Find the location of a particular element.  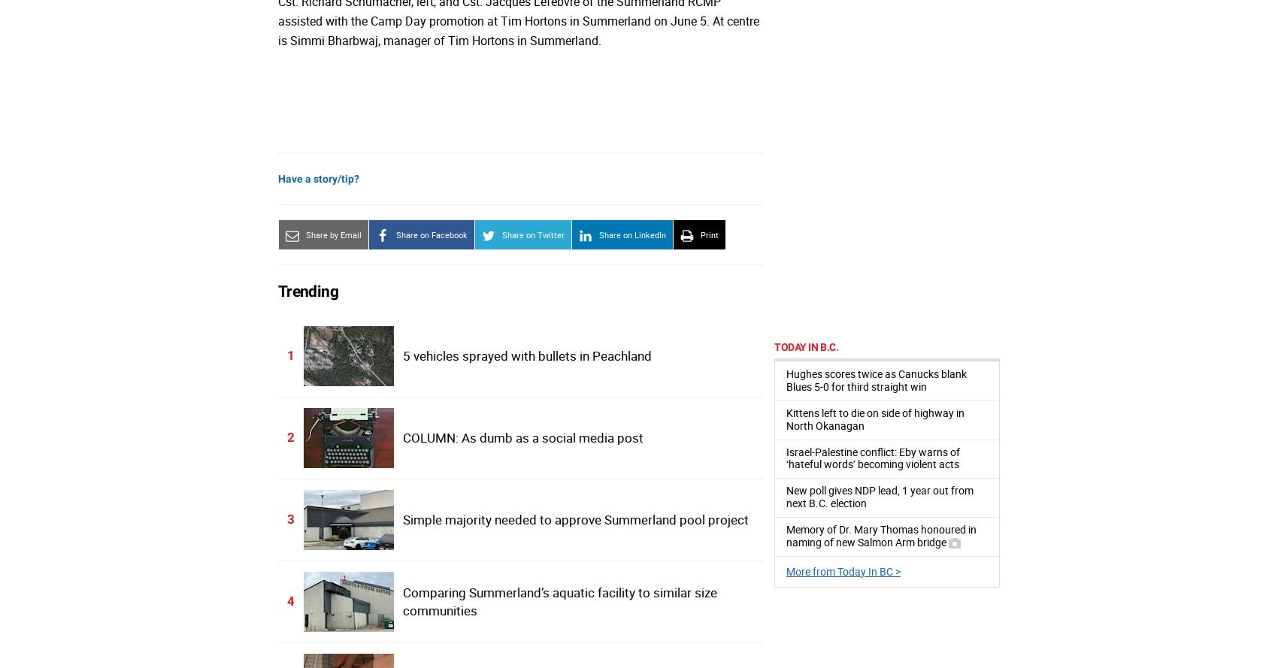

'Memory of Dr. Mary Thomas honoured in naming of new Salmon Arm bridge' is located at coordinates (880, 534).